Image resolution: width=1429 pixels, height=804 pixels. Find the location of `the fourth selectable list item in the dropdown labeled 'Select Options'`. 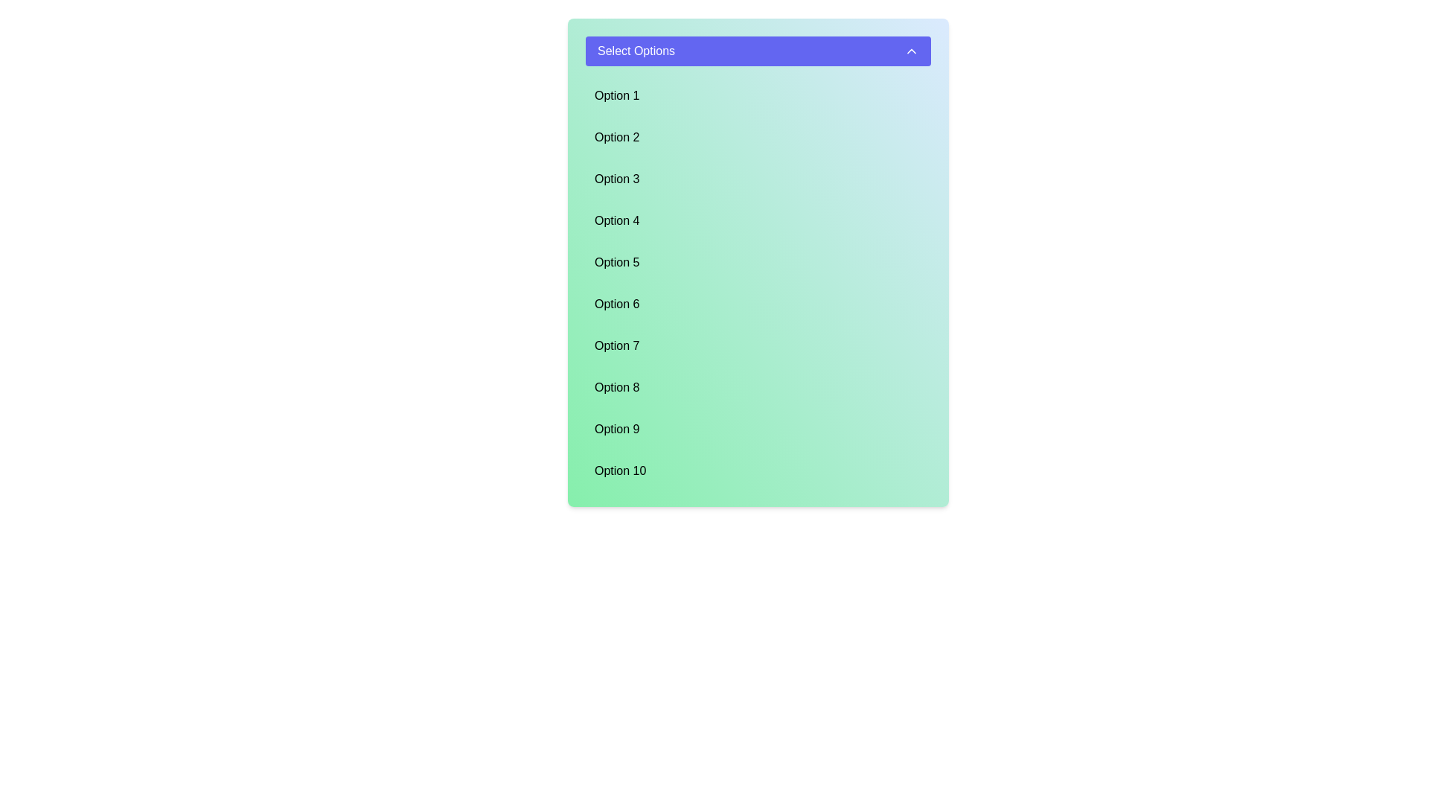

the fourth selectable list item in the dropdown labeled 'Select Options' is located at coordinates (758, 221).